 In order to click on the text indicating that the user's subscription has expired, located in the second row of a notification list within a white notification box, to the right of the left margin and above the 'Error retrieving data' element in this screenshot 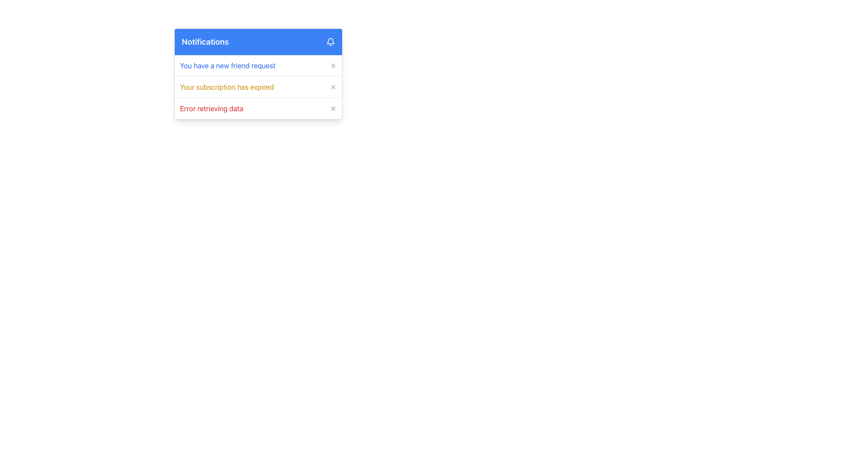, I will do `click(227, 87)`.